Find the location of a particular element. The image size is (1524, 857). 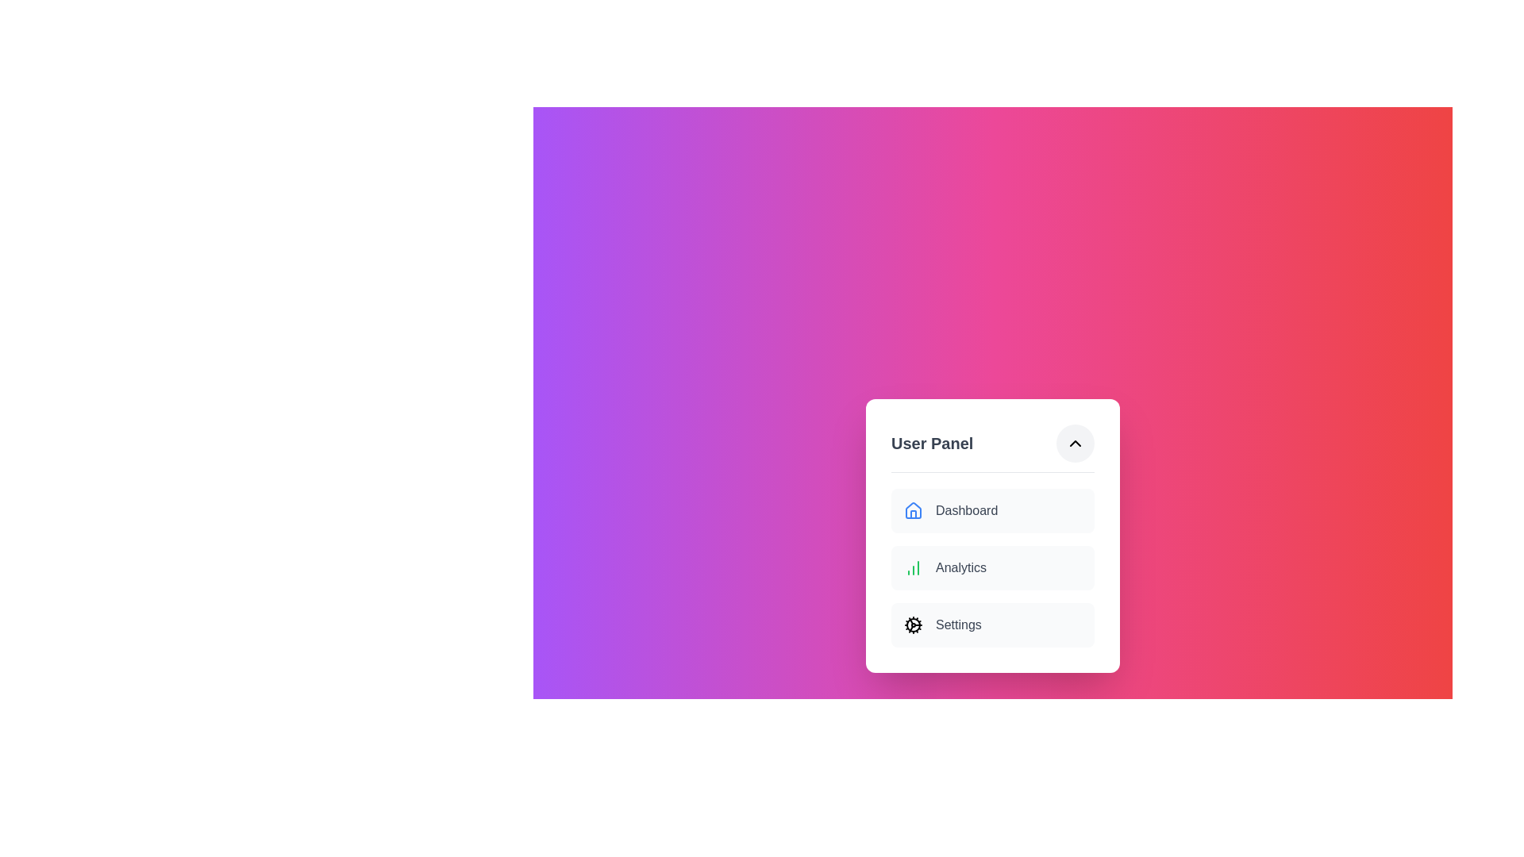

the text 'User Panel' in the menu is located at coordinates (992, 443).